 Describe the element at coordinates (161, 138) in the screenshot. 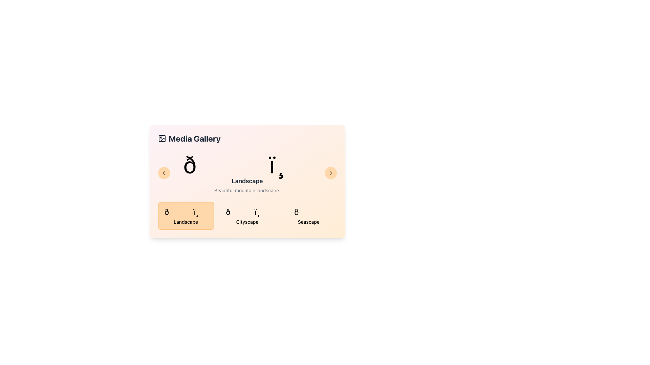

I see `the SVG image icon located at the top-left corner of the header section` at that location.